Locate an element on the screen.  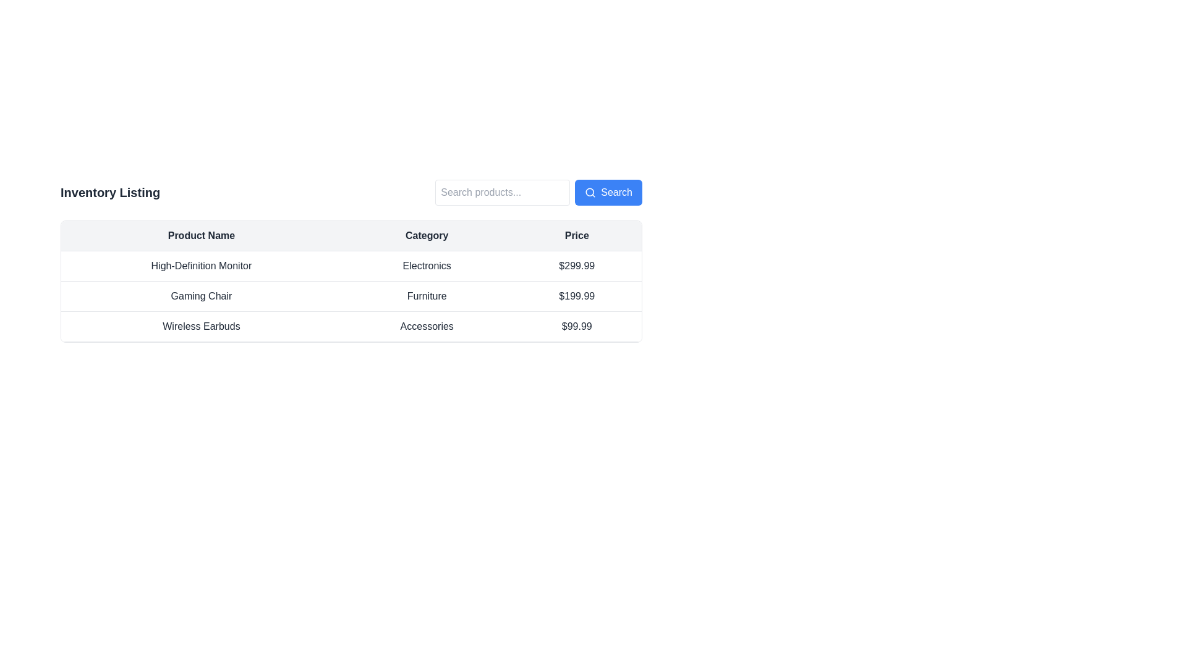
the circular SVG element that represents the magnifying glass in the search icon, located to the left of the 'Search' button at the right end of the search bar above the data table is located at coordinates (589, 192).